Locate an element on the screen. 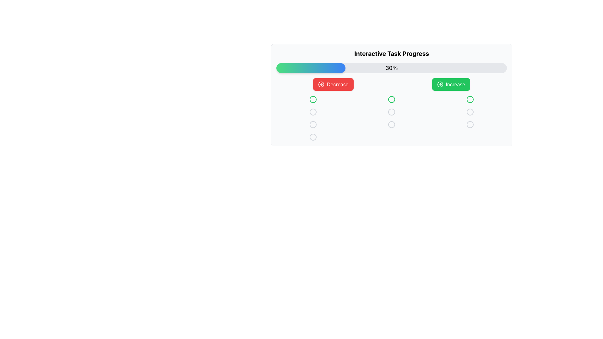 This screenshot has height=339, width=603. the Progress Bar element, which displays 30% progress and is located below the heading 'Interactive Task Progress' is located at coordinates (391, 68).